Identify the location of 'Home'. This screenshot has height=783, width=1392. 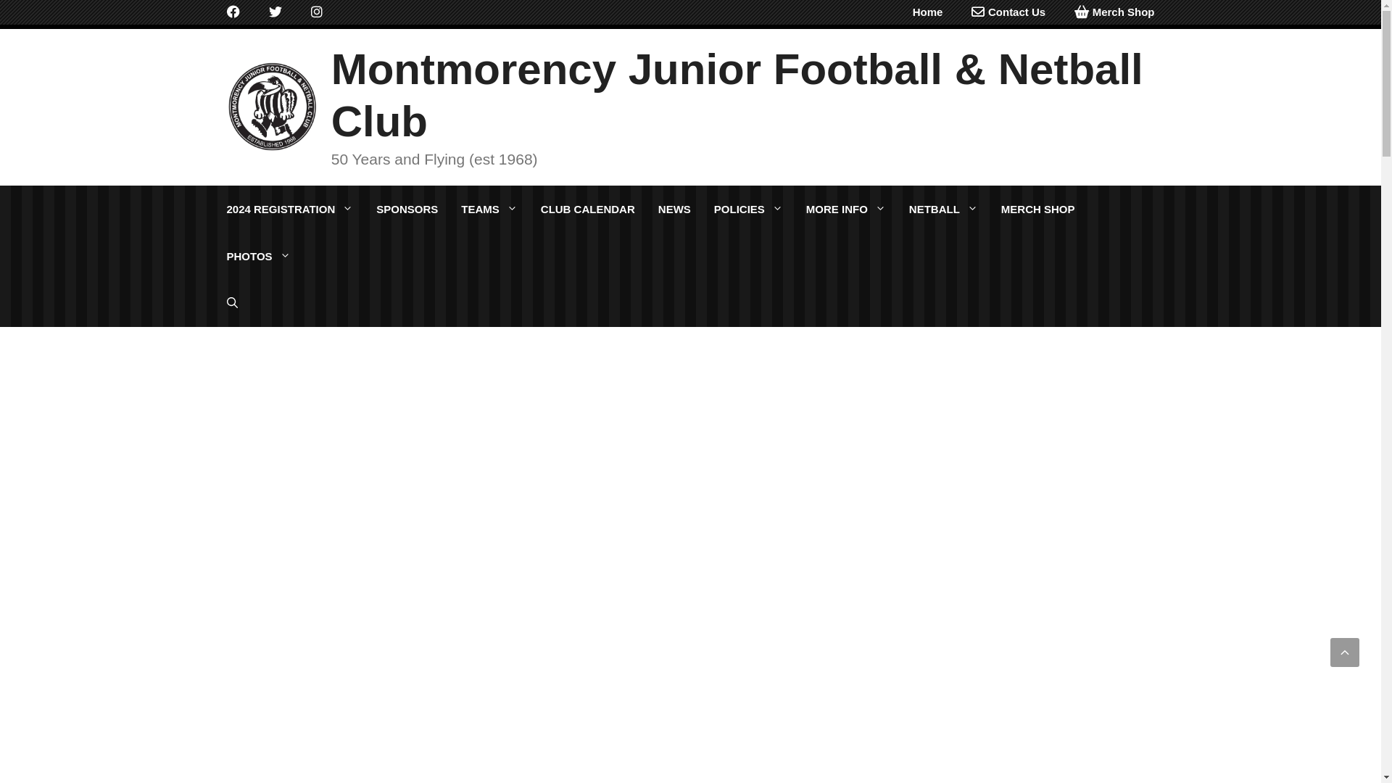
(936, 12).